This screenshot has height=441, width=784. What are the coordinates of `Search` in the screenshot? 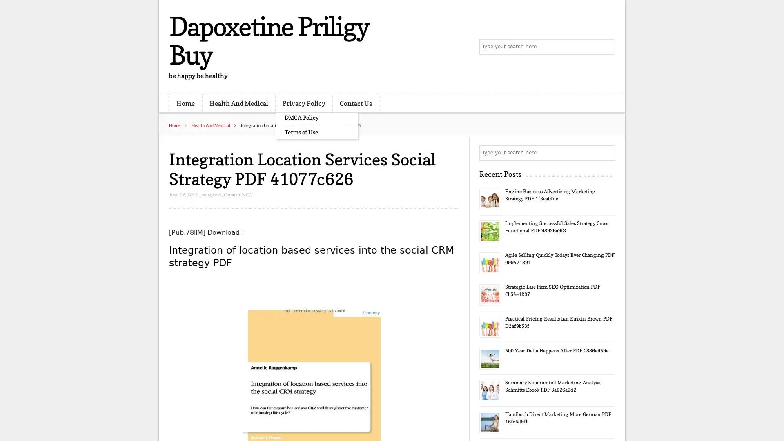 It's located at (606, 153).